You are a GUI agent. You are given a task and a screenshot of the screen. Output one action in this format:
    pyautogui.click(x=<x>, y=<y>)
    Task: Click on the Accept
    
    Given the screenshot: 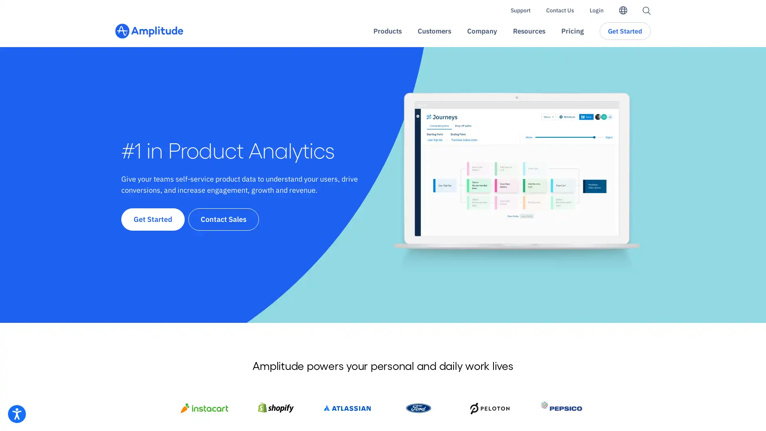 What is the action you would take?
    pyautogui.click(x=540, y=407)
    